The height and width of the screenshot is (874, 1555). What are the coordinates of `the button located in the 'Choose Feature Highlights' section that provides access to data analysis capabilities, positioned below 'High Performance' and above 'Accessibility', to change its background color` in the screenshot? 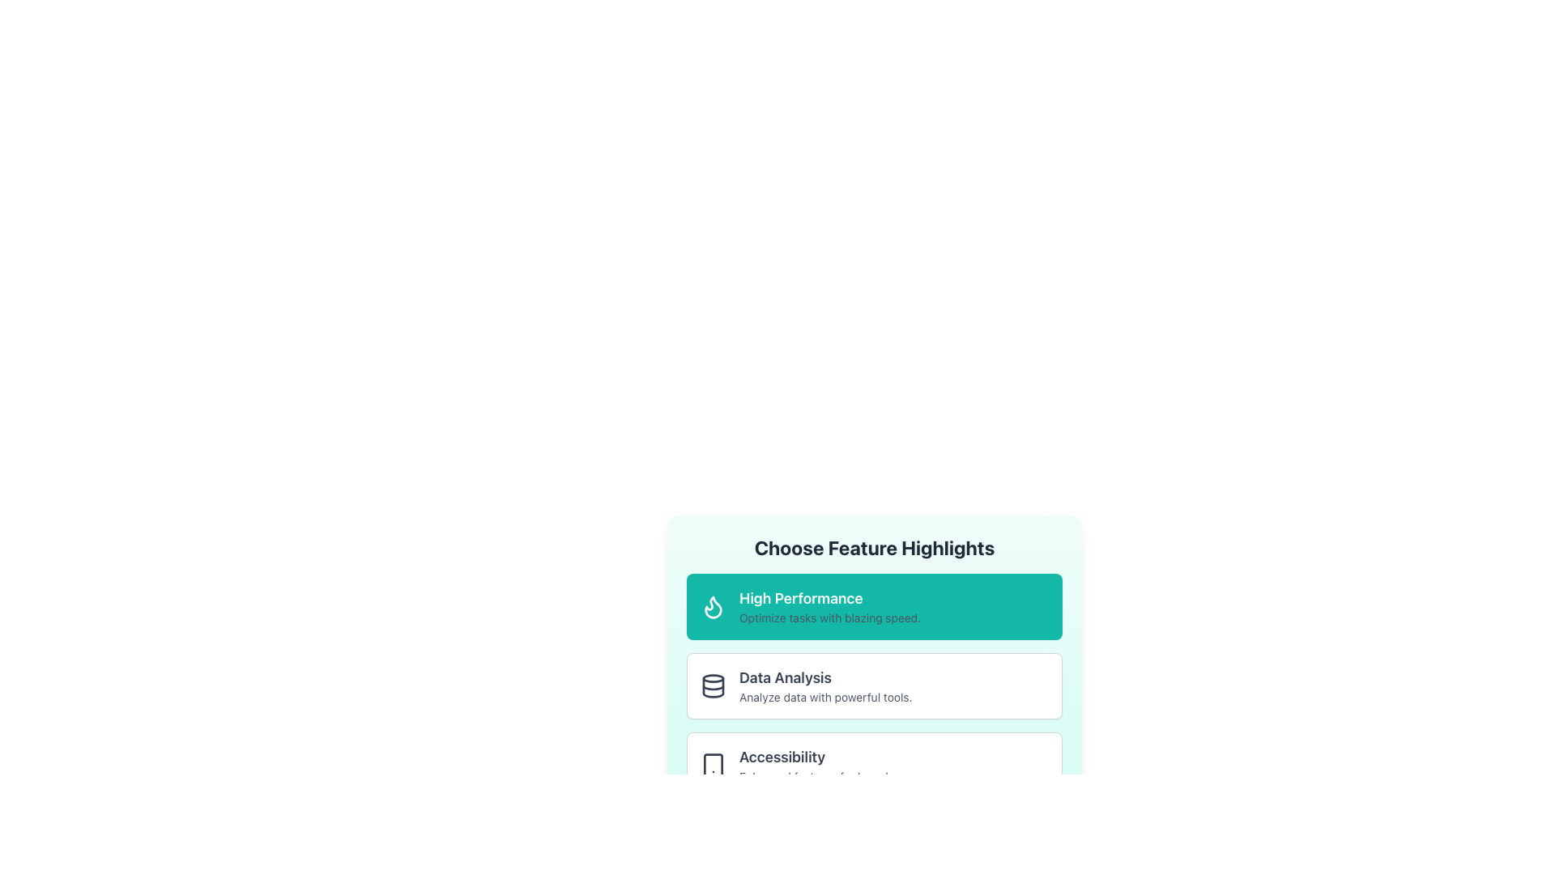 It's located at (874, 686).